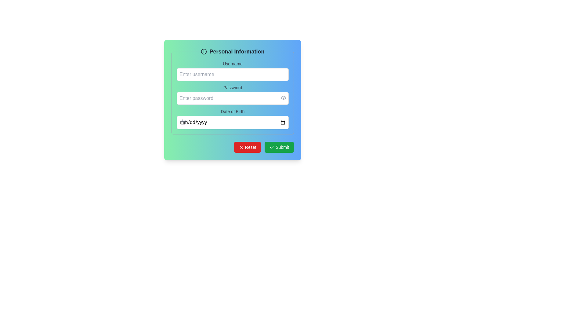  I want to click on the circular icon with an 'i' symbol at the top-left of the 'Personal Information' section, so click(204, 51).